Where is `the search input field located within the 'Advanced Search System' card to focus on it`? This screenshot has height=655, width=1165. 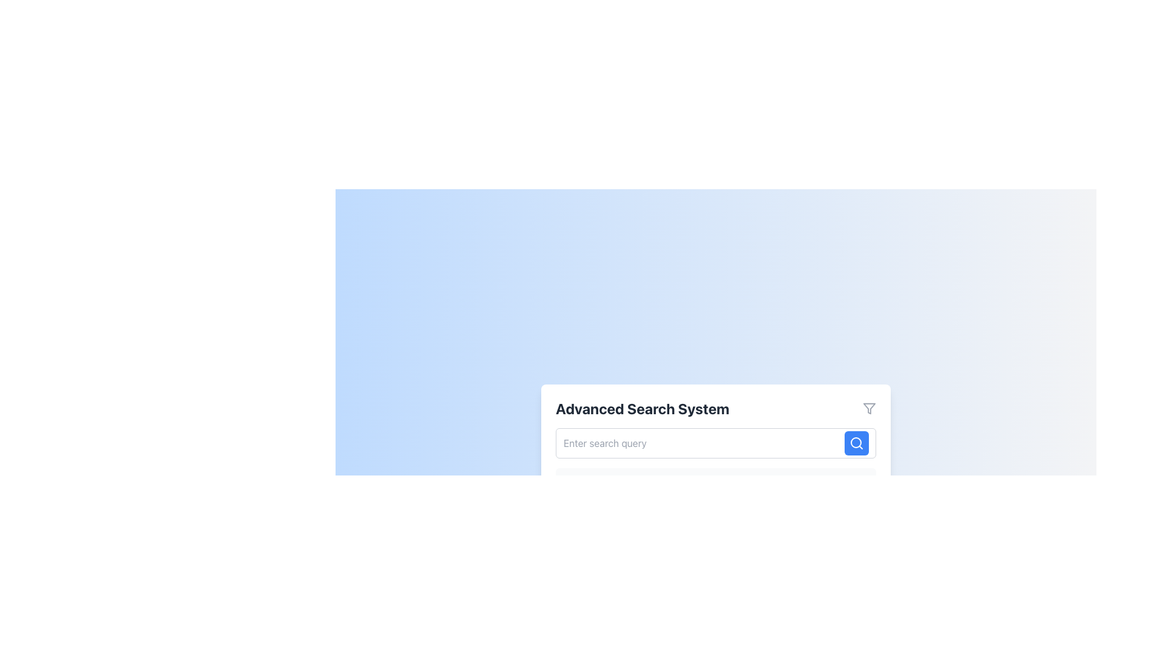 the search input field located within the 'Advanced Search System' card to focus on it is located at coordinates (716, 443).